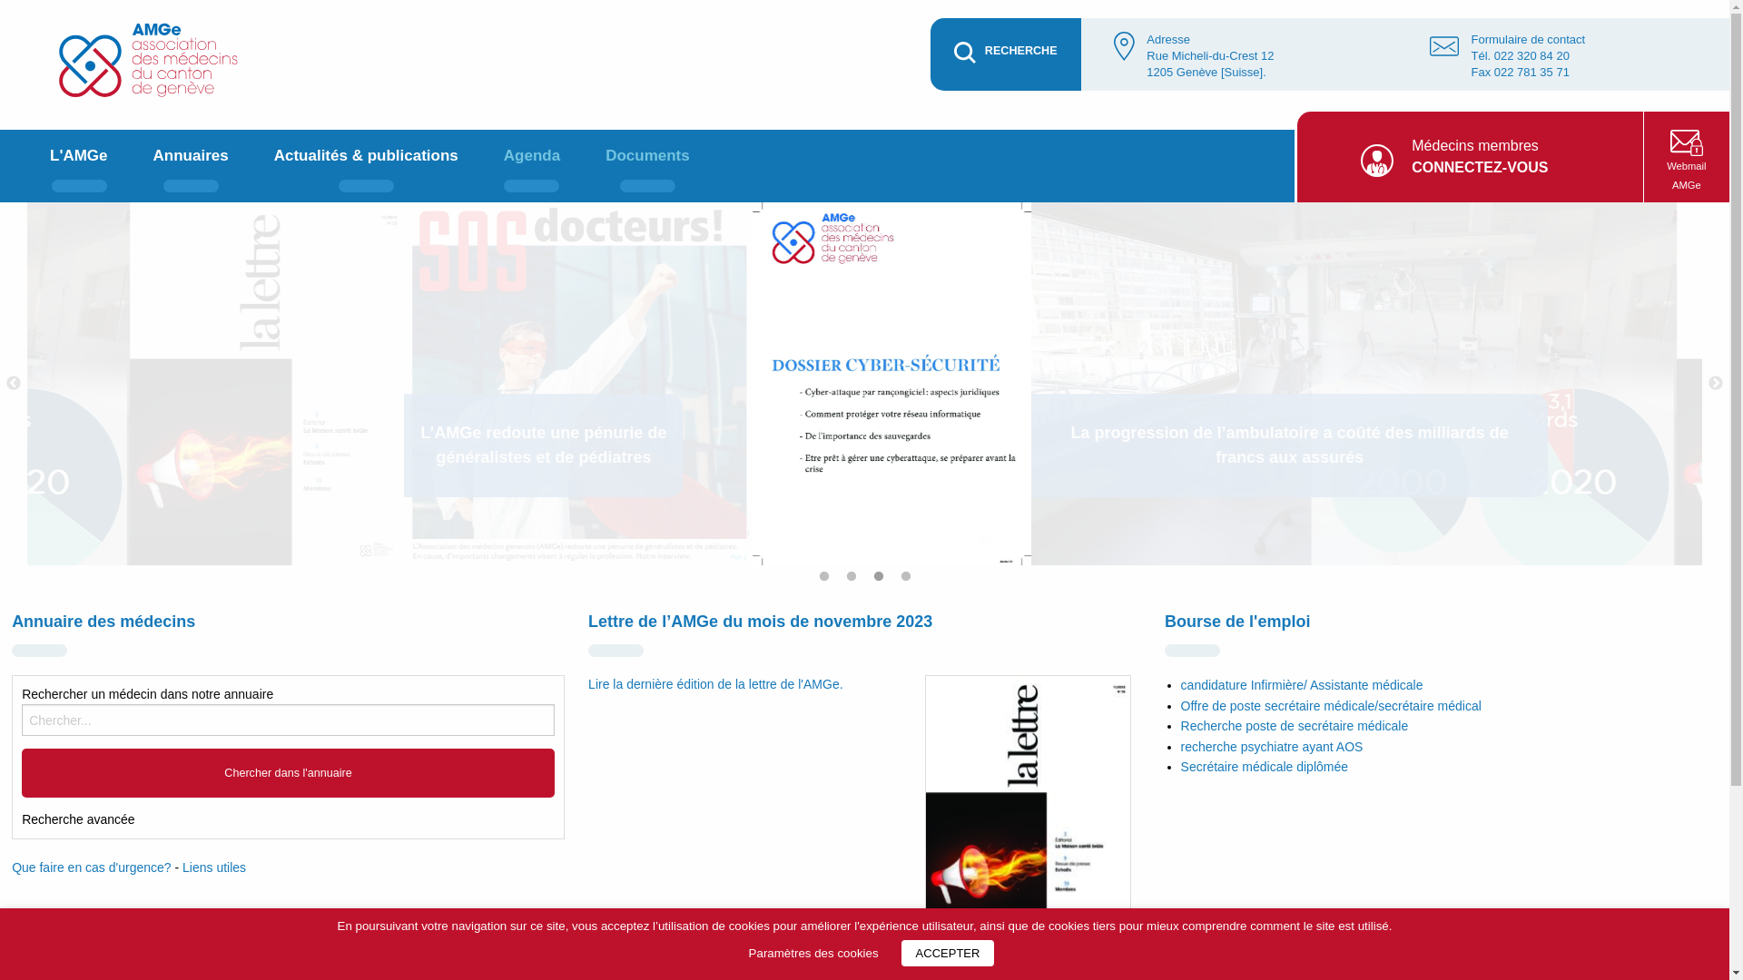  I want to click on 'Webmail, so click(1685, 156).